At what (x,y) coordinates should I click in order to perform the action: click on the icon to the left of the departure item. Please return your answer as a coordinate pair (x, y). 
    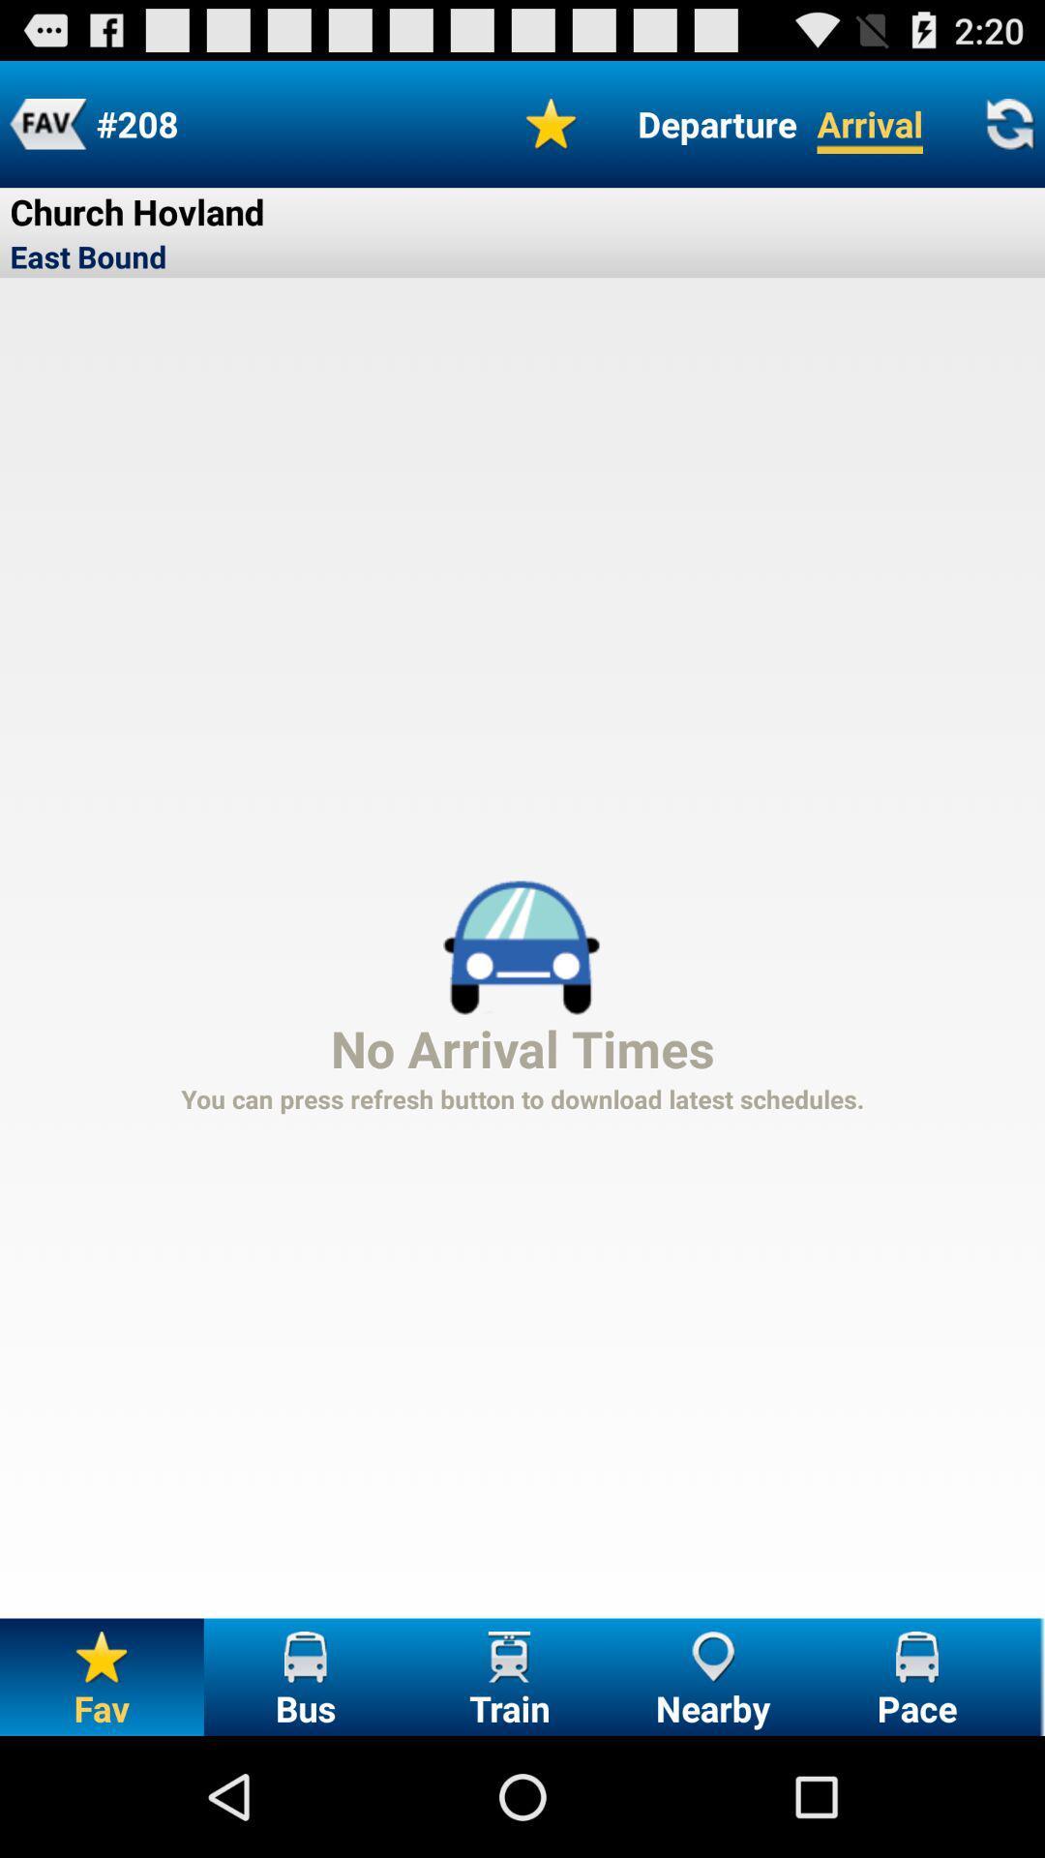
    Looking at the image, I should click on (552, 123).